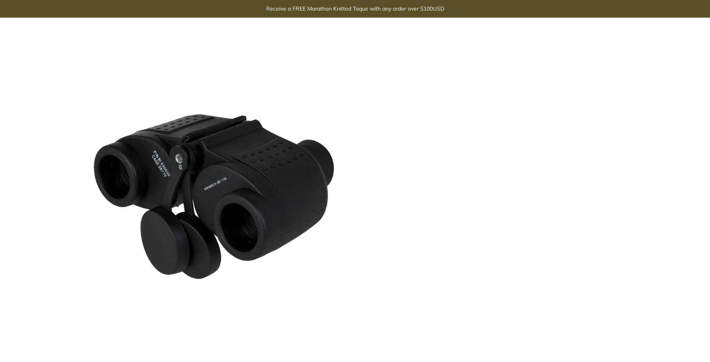 This screenshot has width=710, height=362. I want to click on 'TRIPOD MOUNT:', so click(435, 89).